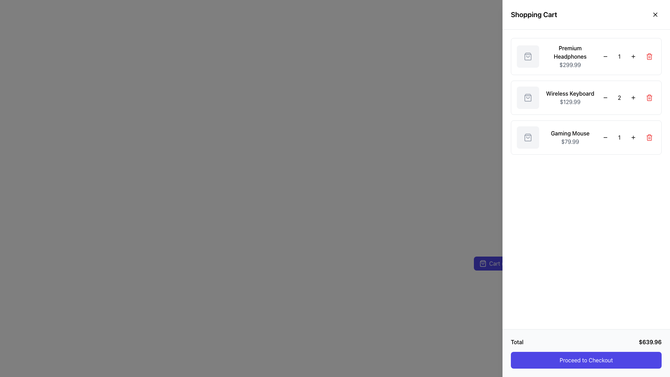  What do you see at coordinates (570, 56) in the screenshot?
I see `product's details displayed in the text block showing the product name and price, which is located in the first item of the shopping cart interface` at bounding box center [570, 56].